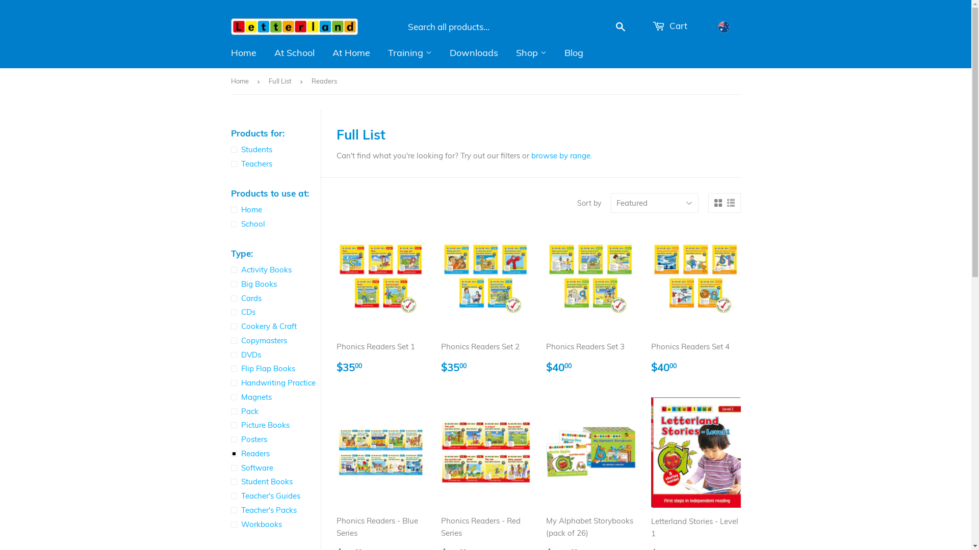  I want to click on 'Handwriting Practice', so click(275, 383).